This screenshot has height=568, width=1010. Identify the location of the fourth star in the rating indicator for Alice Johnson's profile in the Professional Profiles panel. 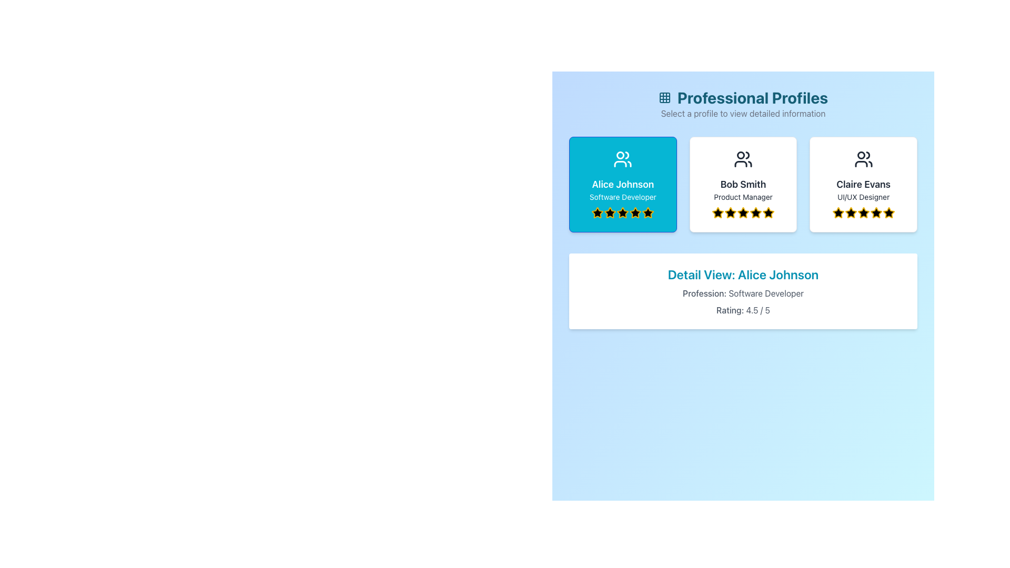
(623, 213).